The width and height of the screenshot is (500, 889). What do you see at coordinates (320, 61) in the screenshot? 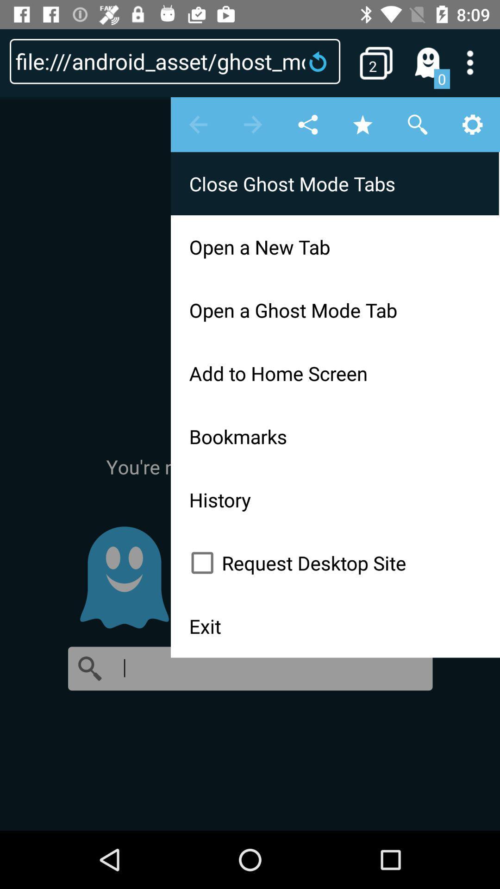
I see `reload page` at bounding box center [320, 61].